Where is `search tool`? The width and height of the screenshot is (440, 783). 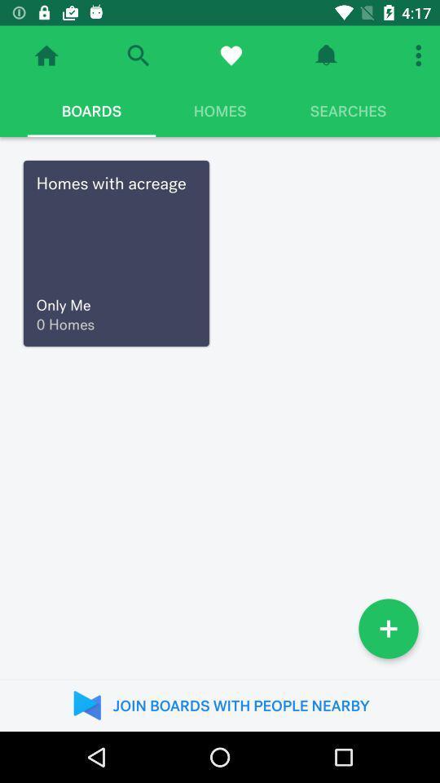
search tool is located at coordinates (137, 55).